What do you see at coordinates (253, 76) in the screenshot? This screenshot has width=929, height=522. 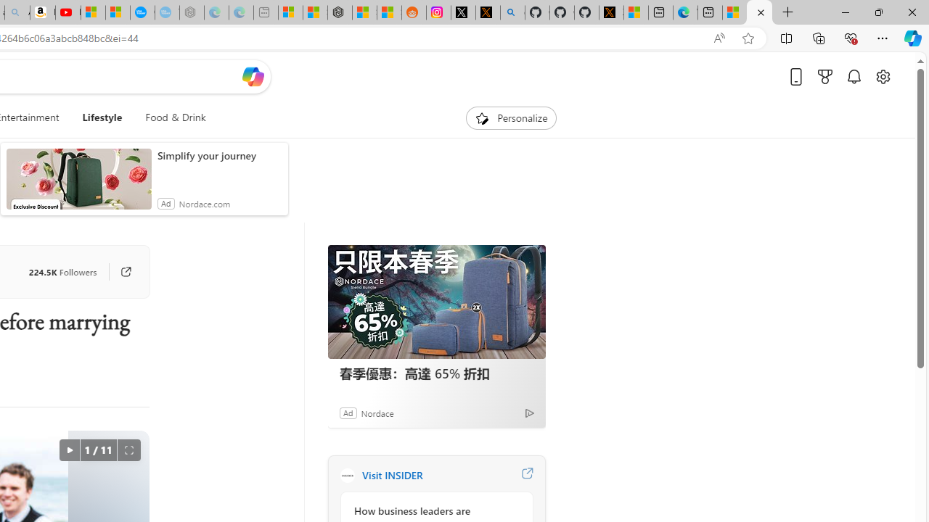 I see `'Open Copilot'` at bounding box center [253, 76].